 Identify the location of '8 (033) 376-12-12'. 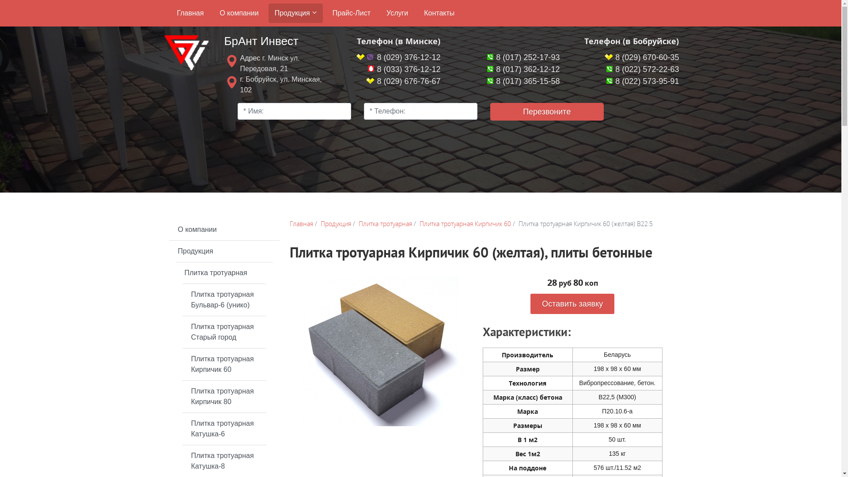
(403, 69).